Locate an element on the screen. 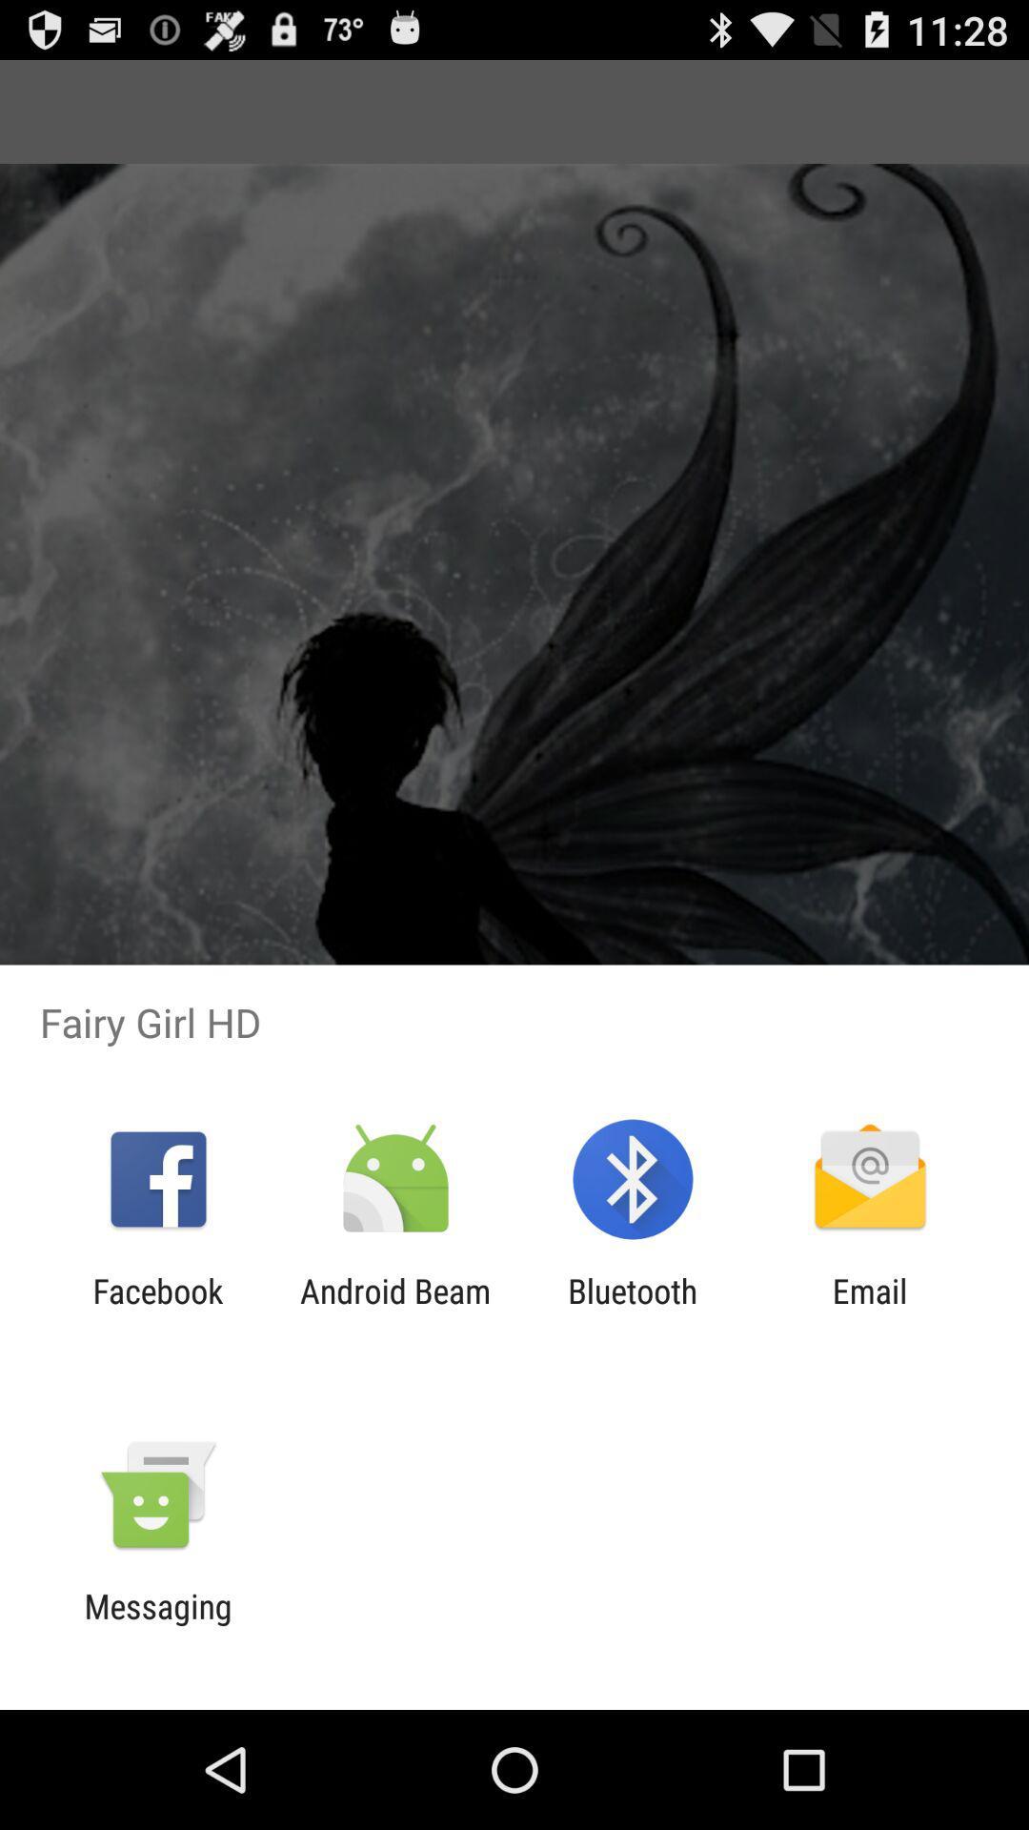 This screenshot has height=1830, width=1029. android beam item is located at coordinates (394, 1310).